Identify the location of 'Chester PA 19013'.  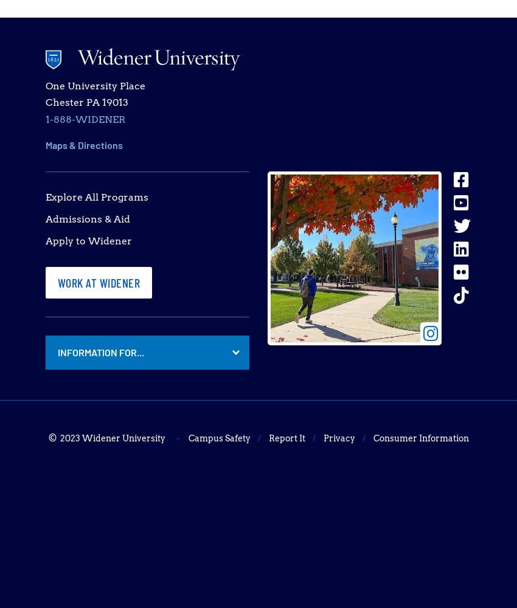
(86, 102).